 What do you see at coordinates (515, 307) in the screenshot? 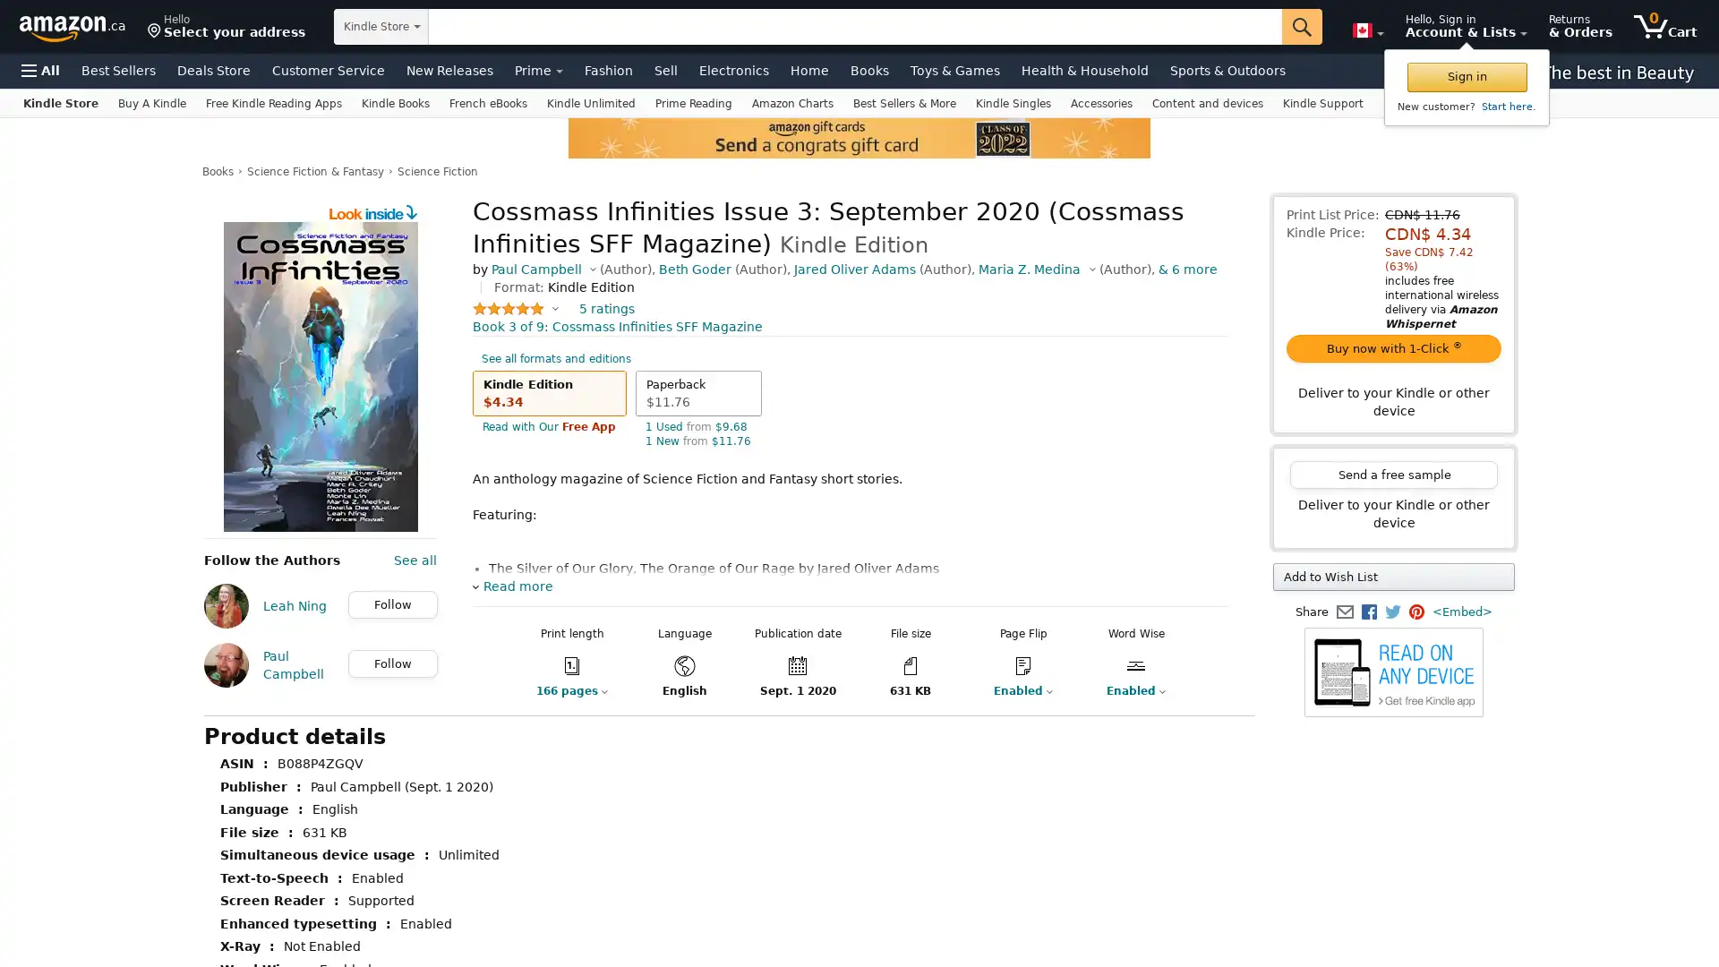
I see `5.0 out of 5 stars` at bounding box center [515, 307].